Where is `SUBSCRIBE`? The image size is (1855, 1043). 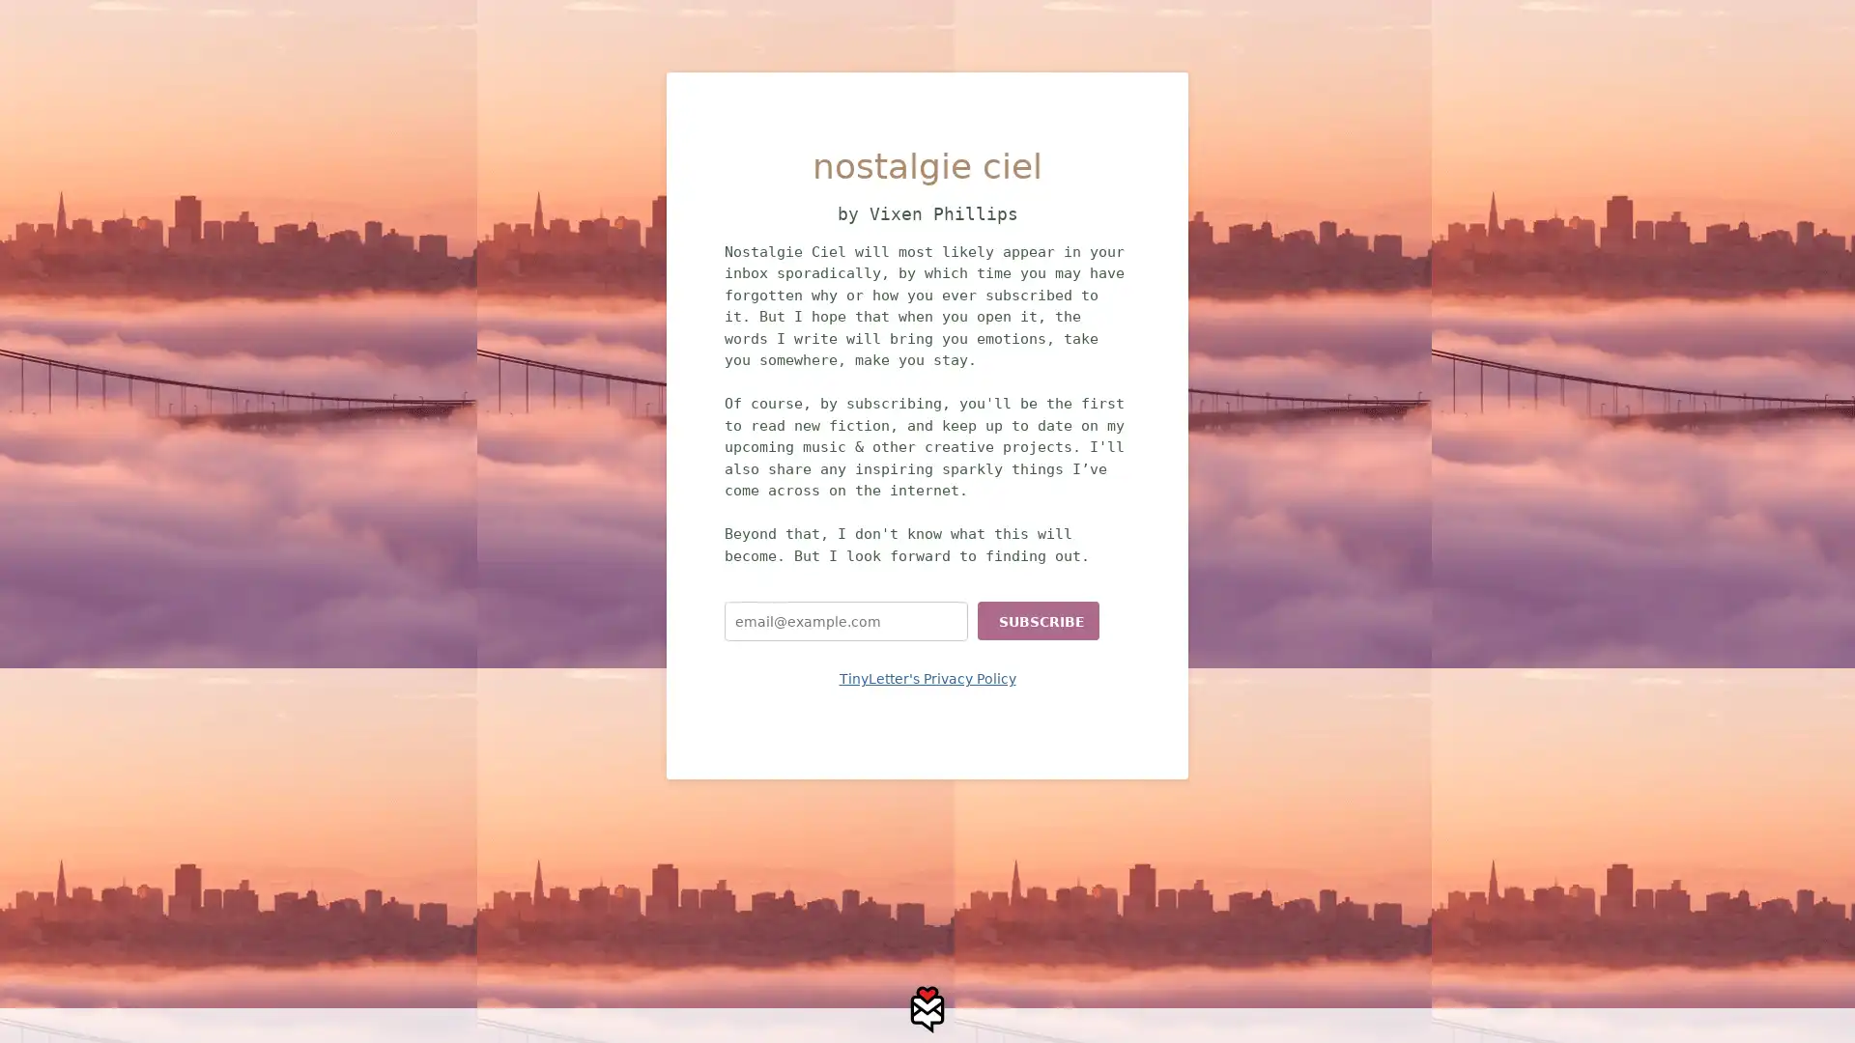
SUBSCRIBE is located at coordinates (1038, 621).